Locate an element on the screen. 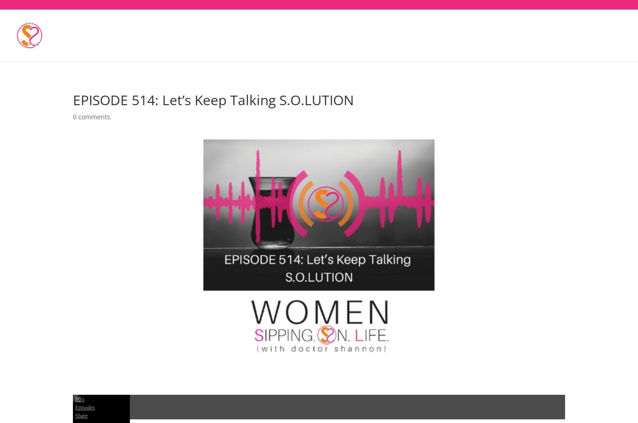 This screenshot has height=423, width=638. 'EPISODE 514: Let’s Keep Talking S.O.LUTION' is located at coordinates (73, 99).